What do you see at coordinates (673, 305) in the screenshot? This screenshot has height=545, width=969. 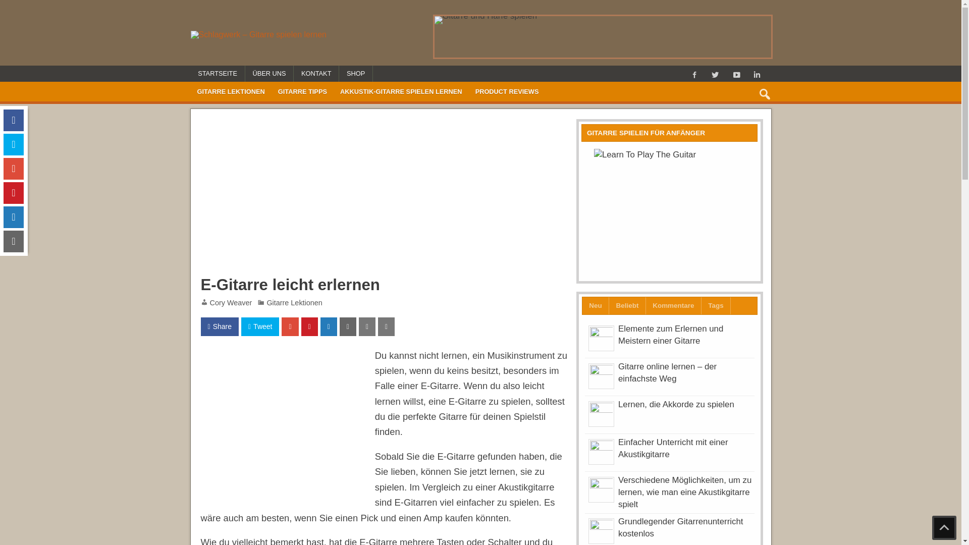 I see `'Kommentare'` at bounding box center [673, 305].